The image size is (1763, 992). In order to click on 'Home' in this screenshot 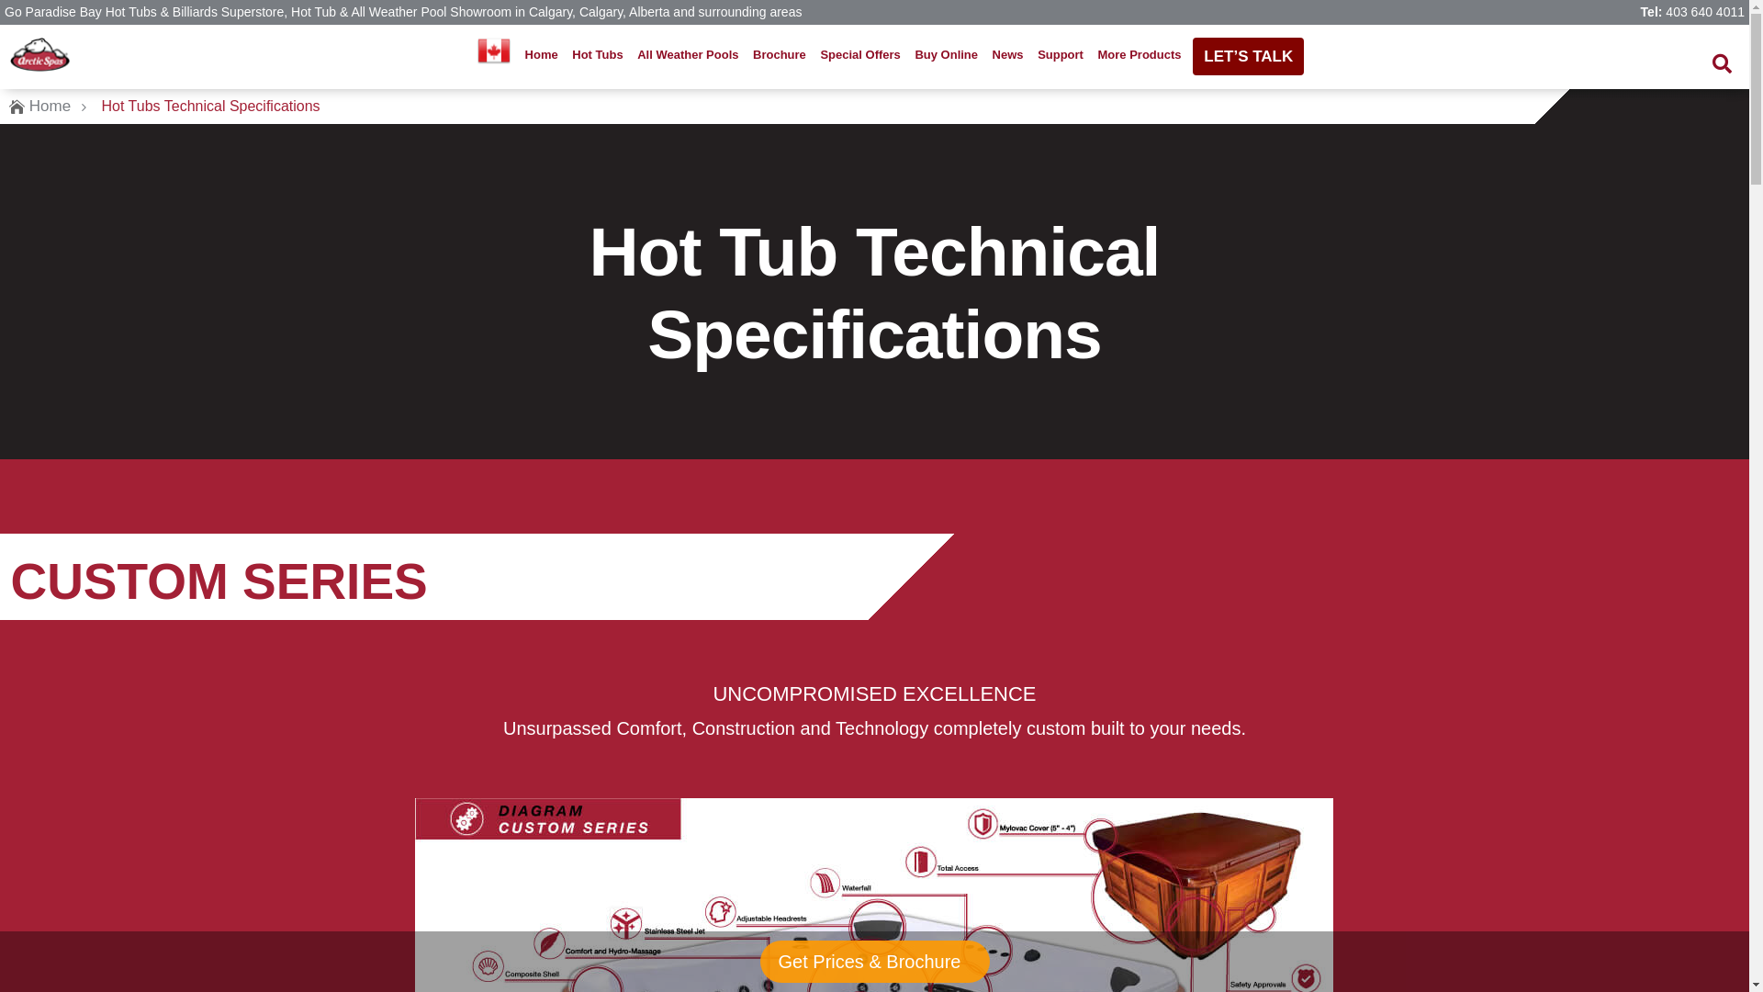, I will do `click(540, 53)`.